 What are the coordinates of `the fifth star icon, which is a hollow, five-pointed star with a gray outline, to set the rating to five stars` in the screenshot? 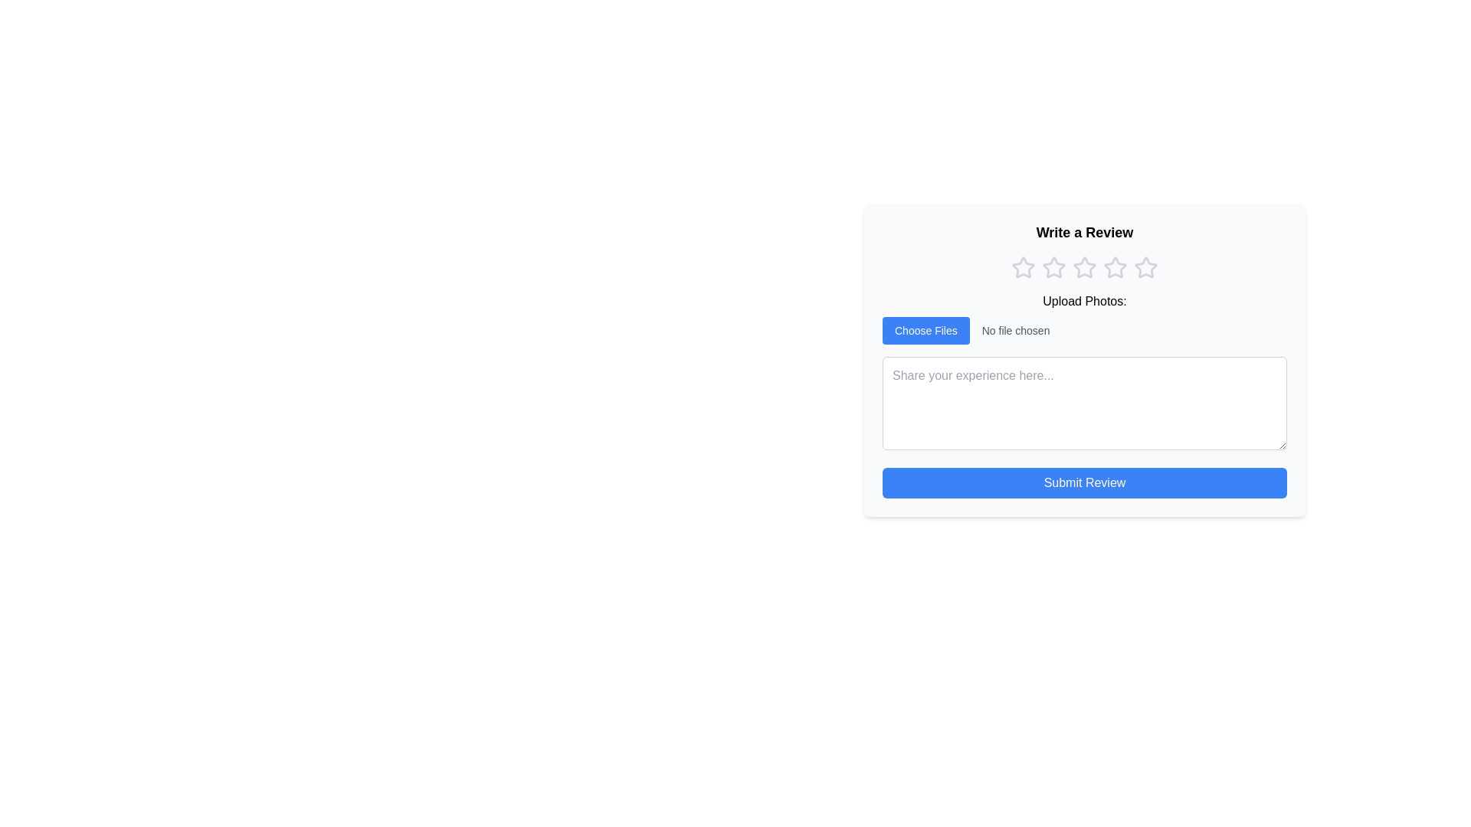 It's located at (1146, 266).